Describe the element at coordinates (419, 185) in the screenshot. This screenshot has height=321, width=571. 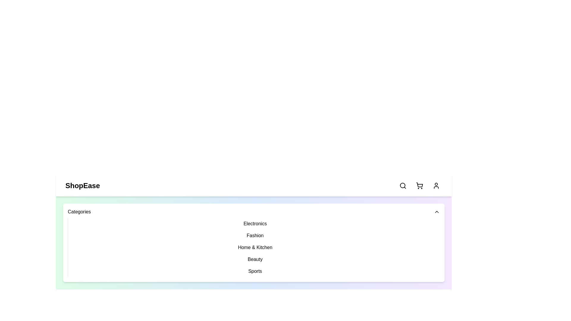
I see `the shopping cart icon located in the top navigation bar` at that location.